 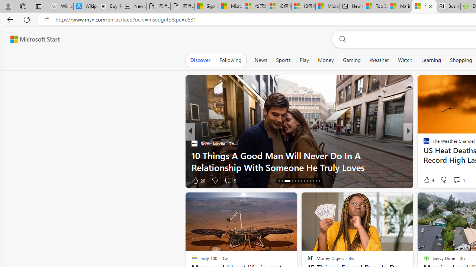 What do you see at coordinates (459, 180) in the screenshot?
I see `'View comments 3 Comment'` at bounding box center [459, 180].